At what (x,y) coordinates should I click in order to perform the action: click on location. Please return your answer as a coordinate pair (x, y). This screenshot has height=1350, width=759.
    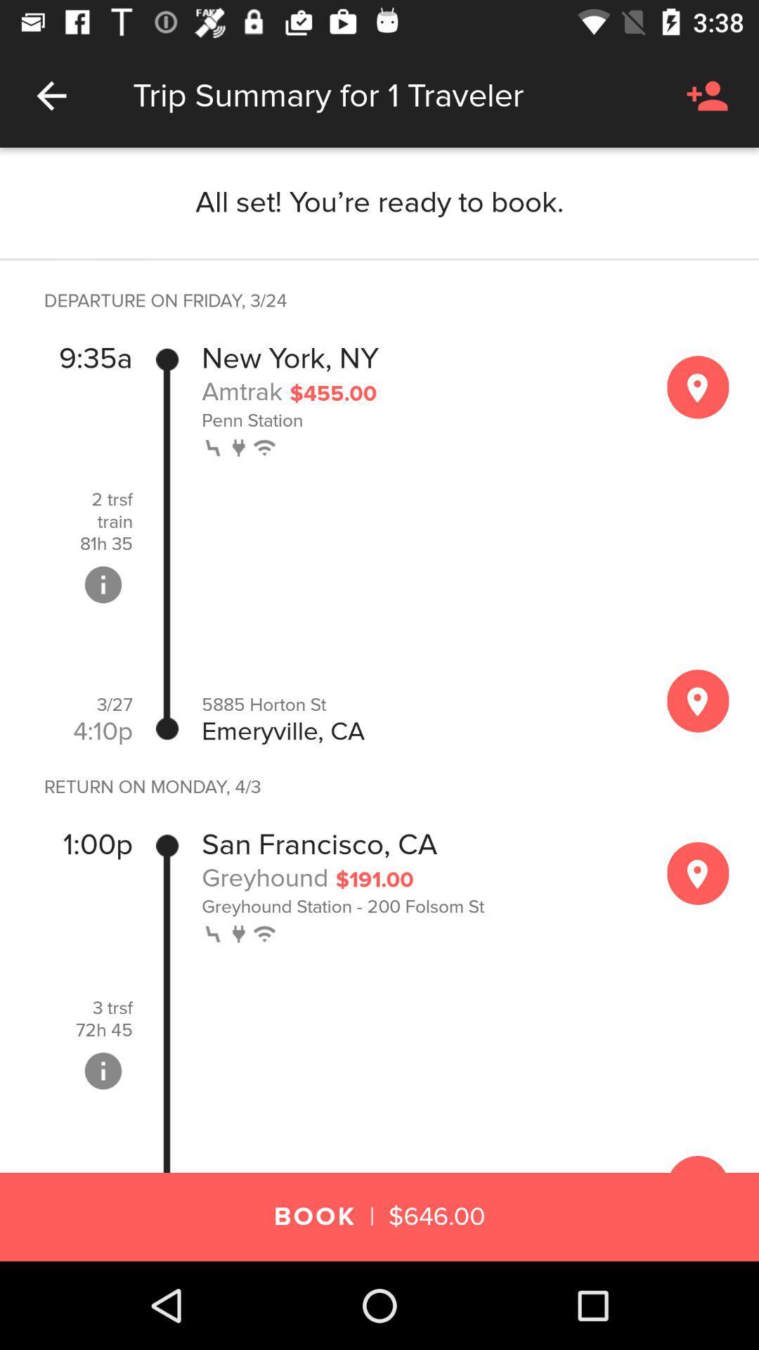
    Looking at the image, I should click on (698, 701).